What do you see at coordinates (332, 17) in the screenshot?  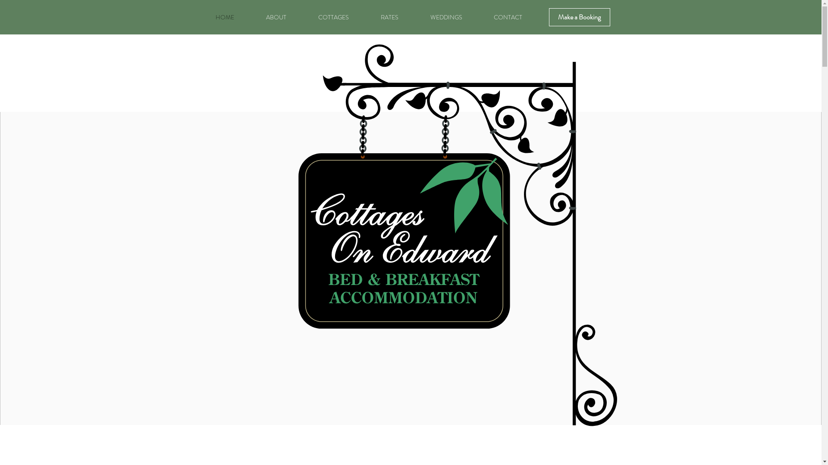 I see `'COTTAGES'` at bounding box center [332, 17].